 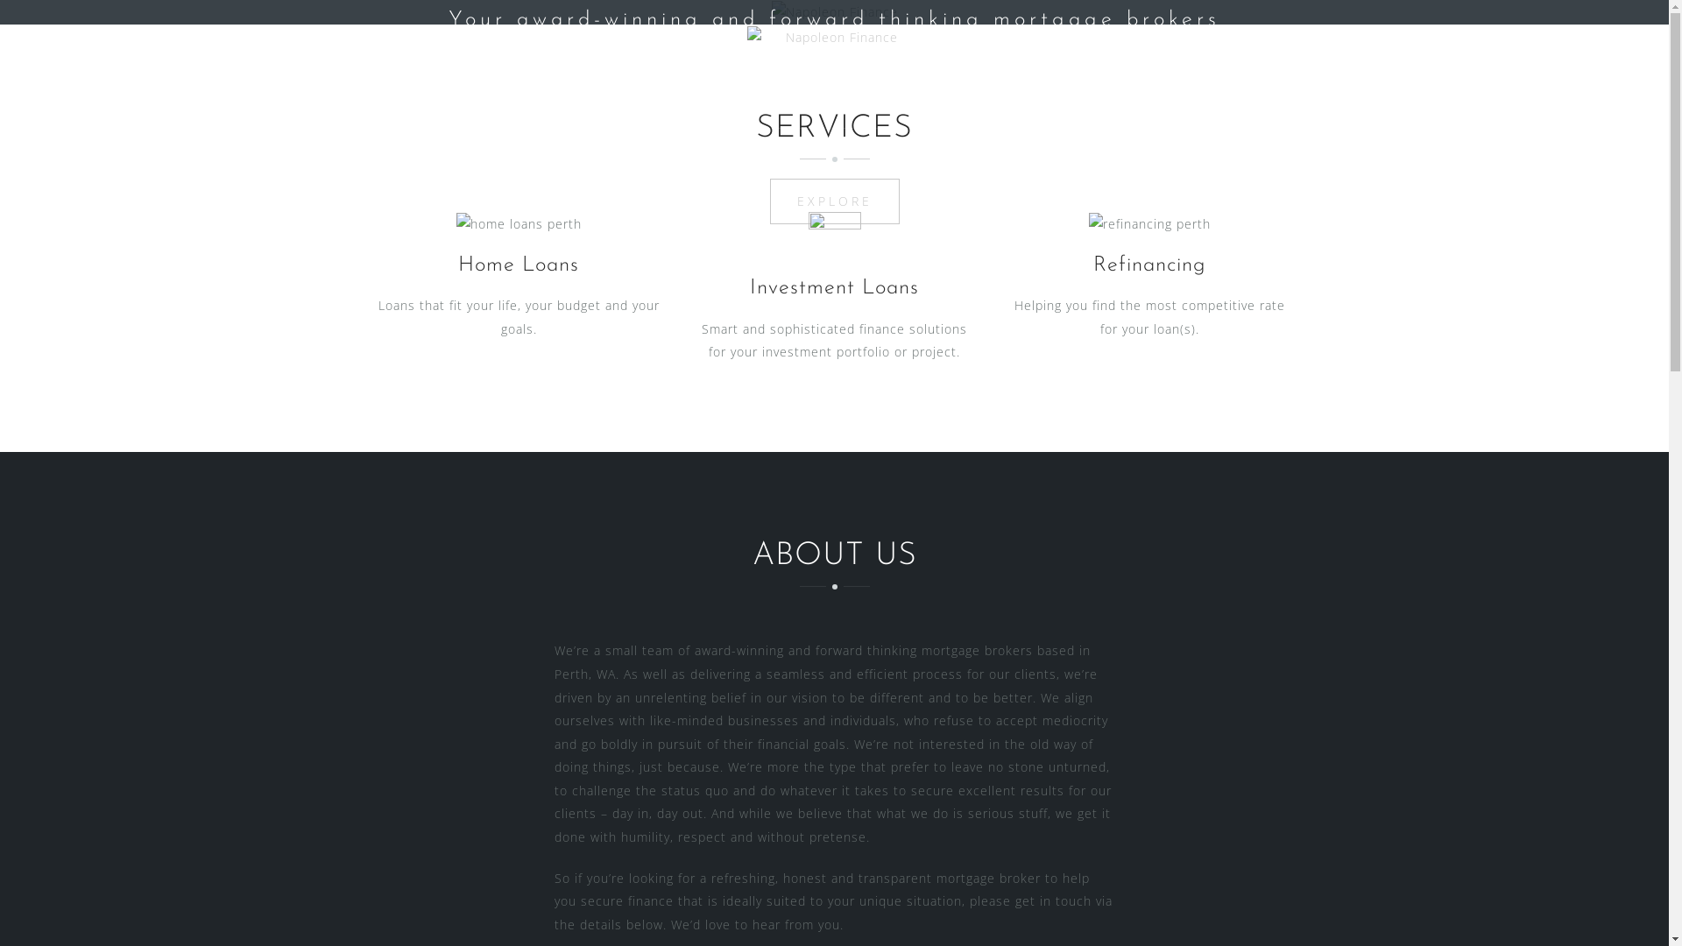 I want to click on 'Our Team', so click(x=765, y=91).